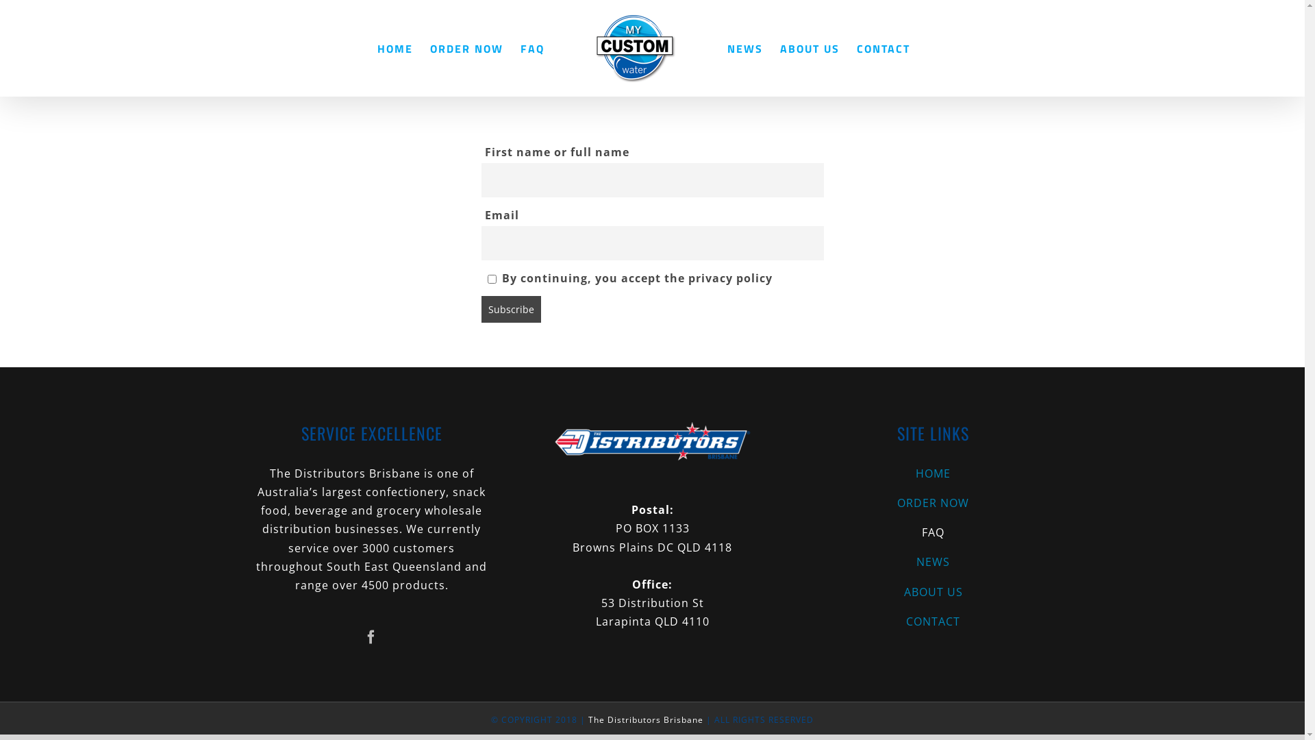 This screenshot has width=1315, height=740. I want to click on 'ORDER NOW', so click(932, 503).